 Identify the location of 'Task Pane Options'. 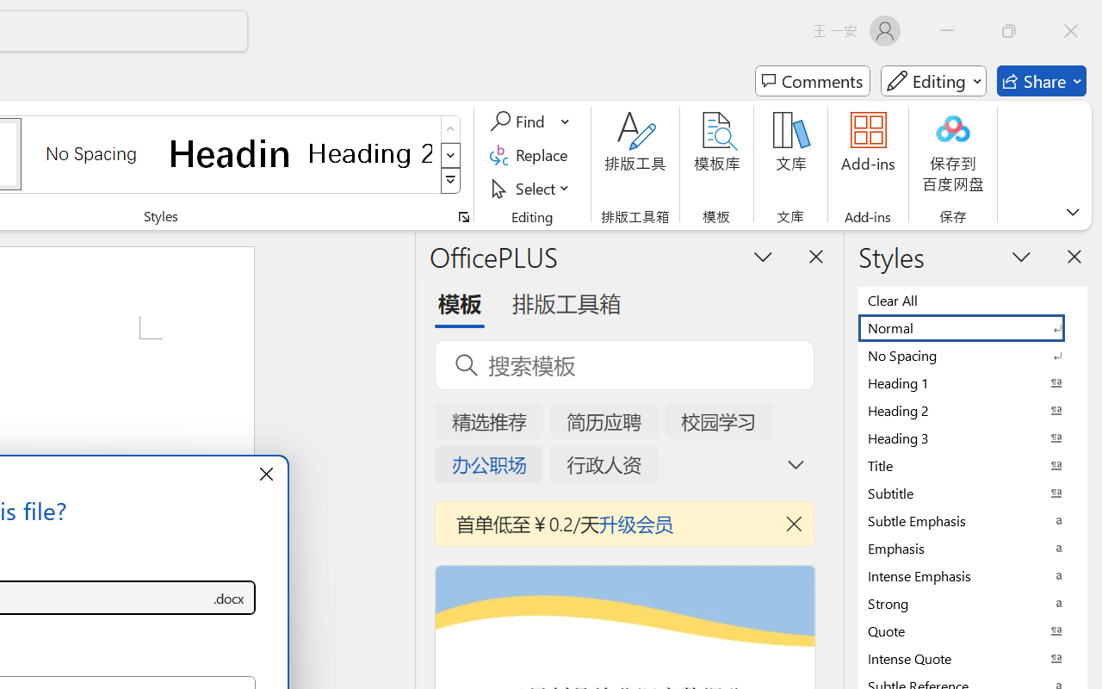
(763, 256).